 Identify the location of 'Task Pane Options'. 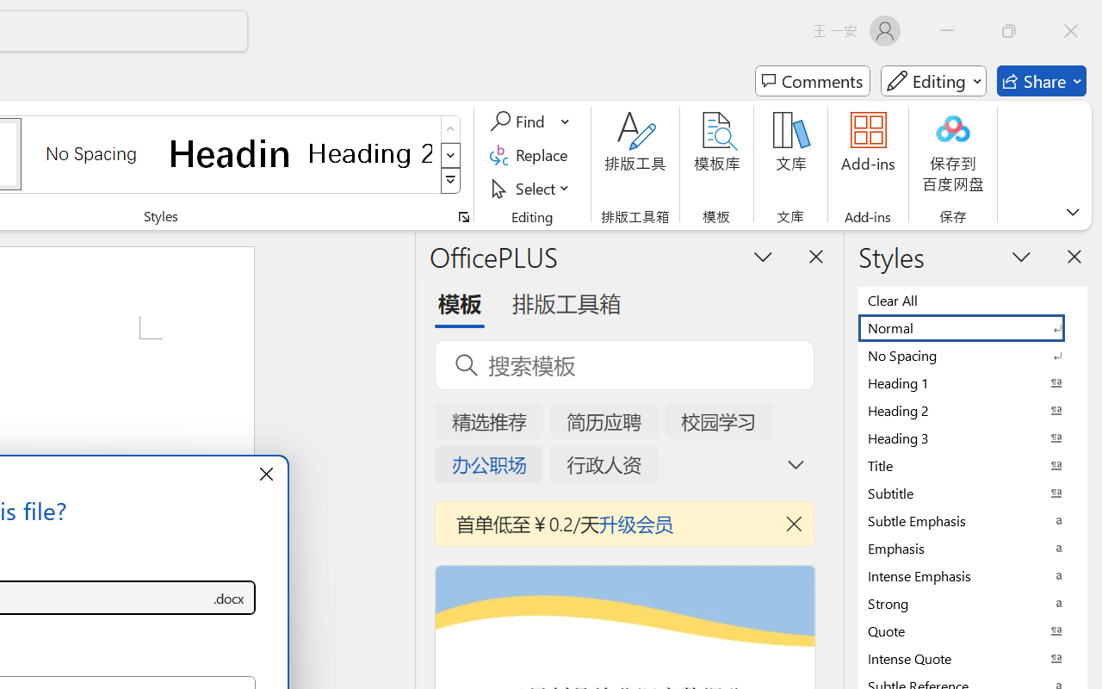
(763, 256).